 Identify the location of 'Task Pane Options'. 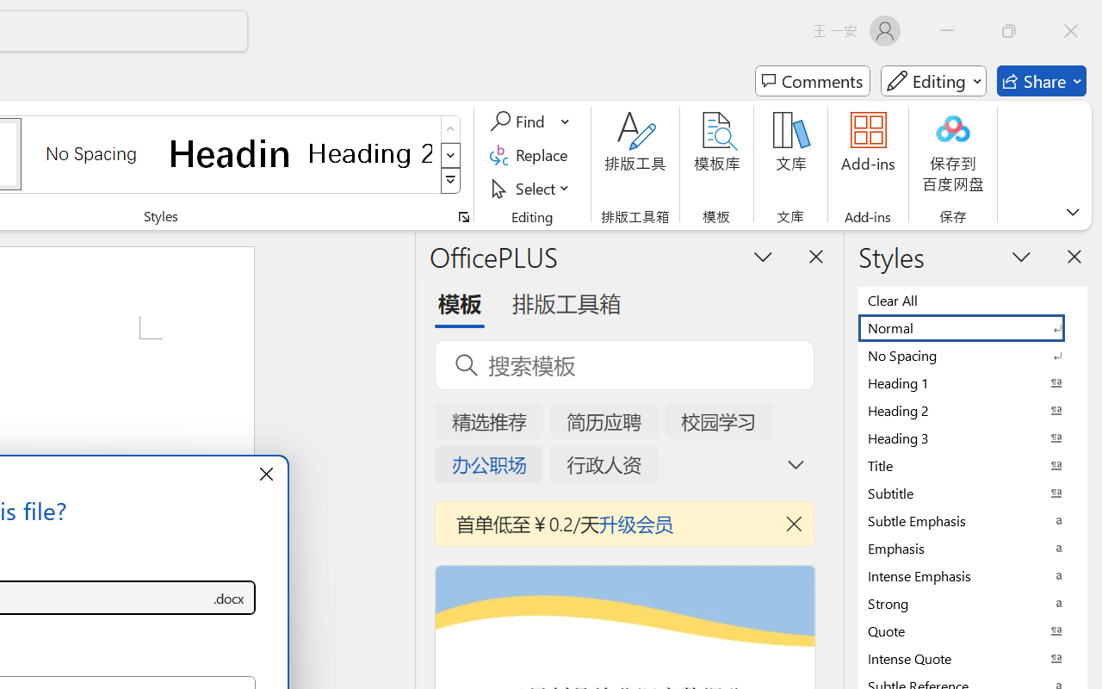
(763, 256).